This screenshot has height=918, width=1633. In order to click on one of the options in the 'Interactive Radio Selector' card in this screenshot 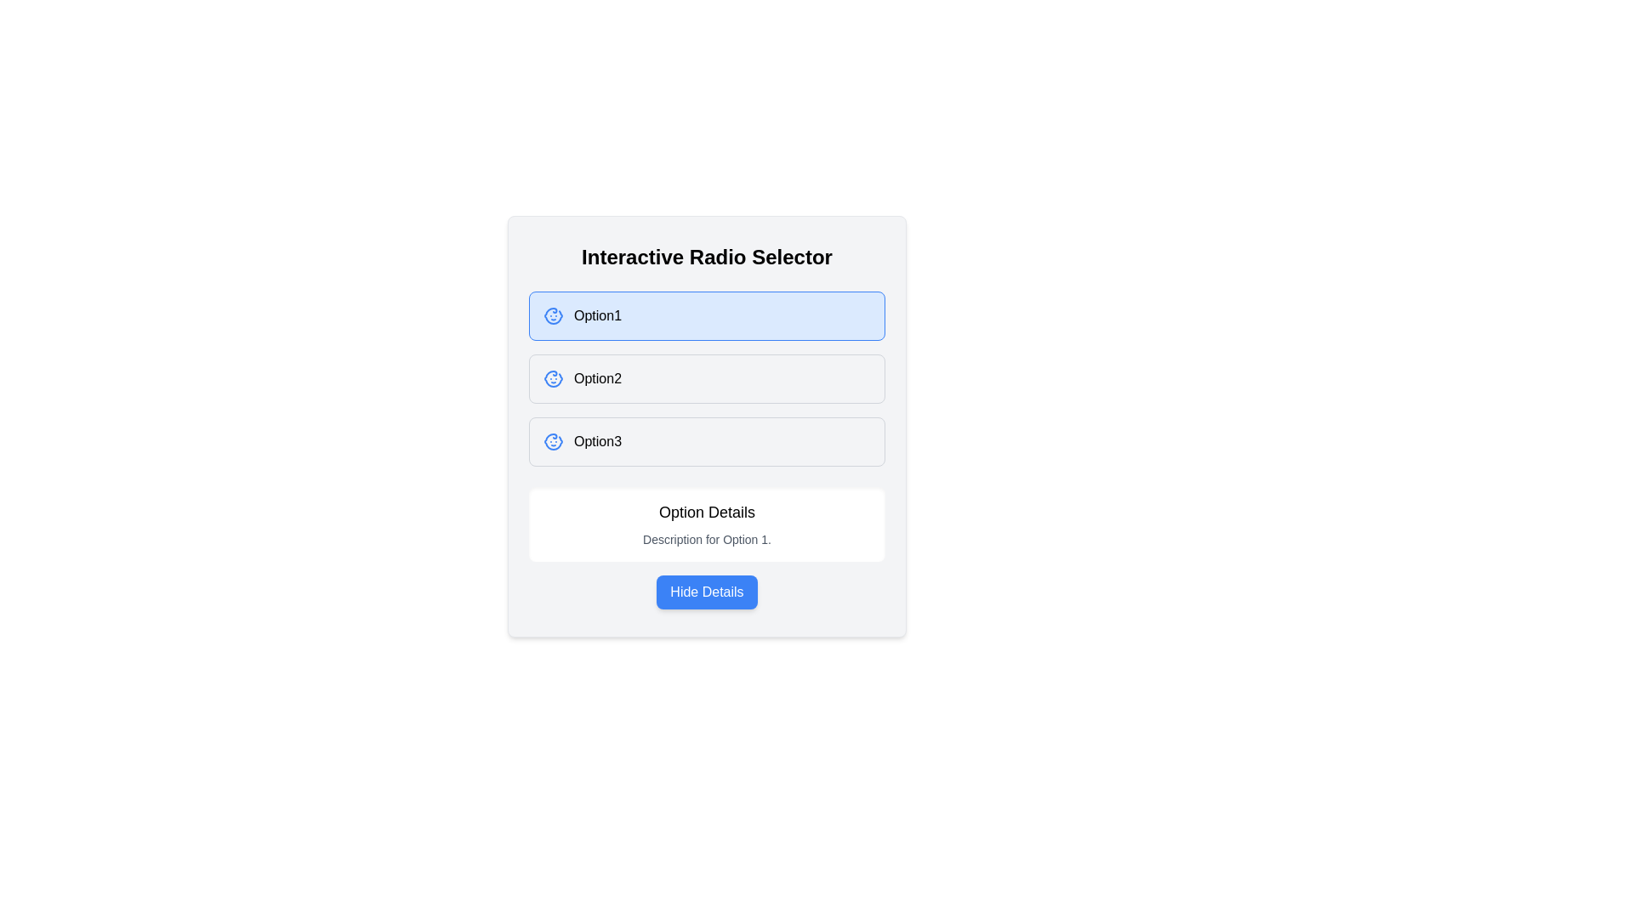, I will do `click(707, 425)`.